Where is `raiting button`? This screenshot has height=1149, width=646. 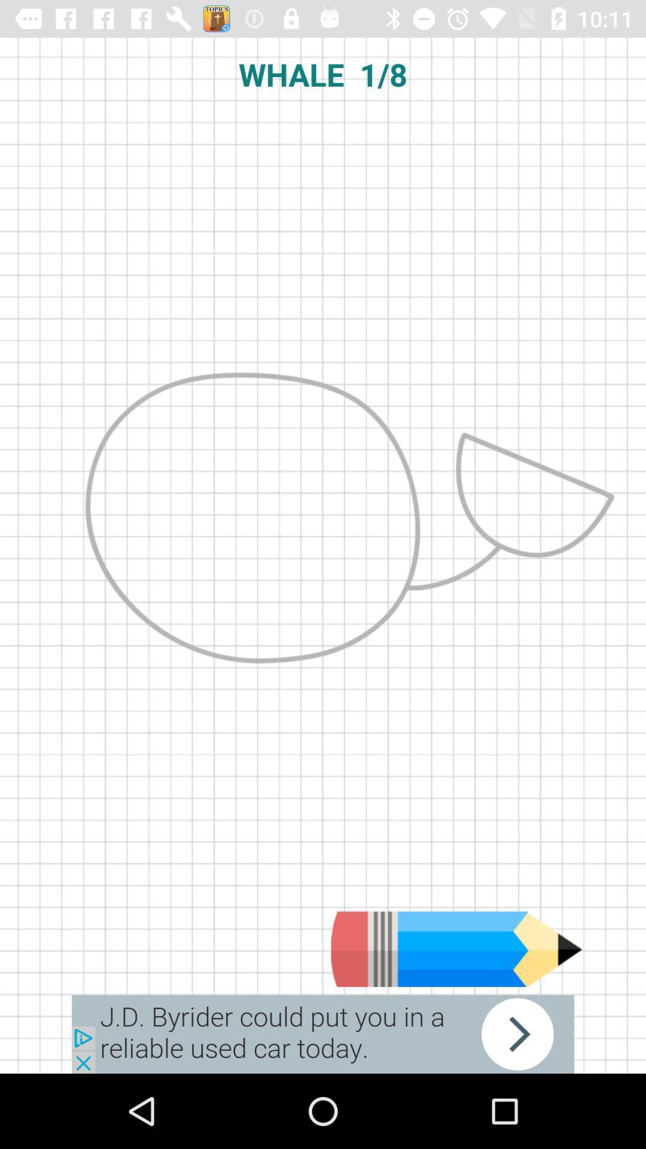
raiting button is located at coordinates (456, 949).